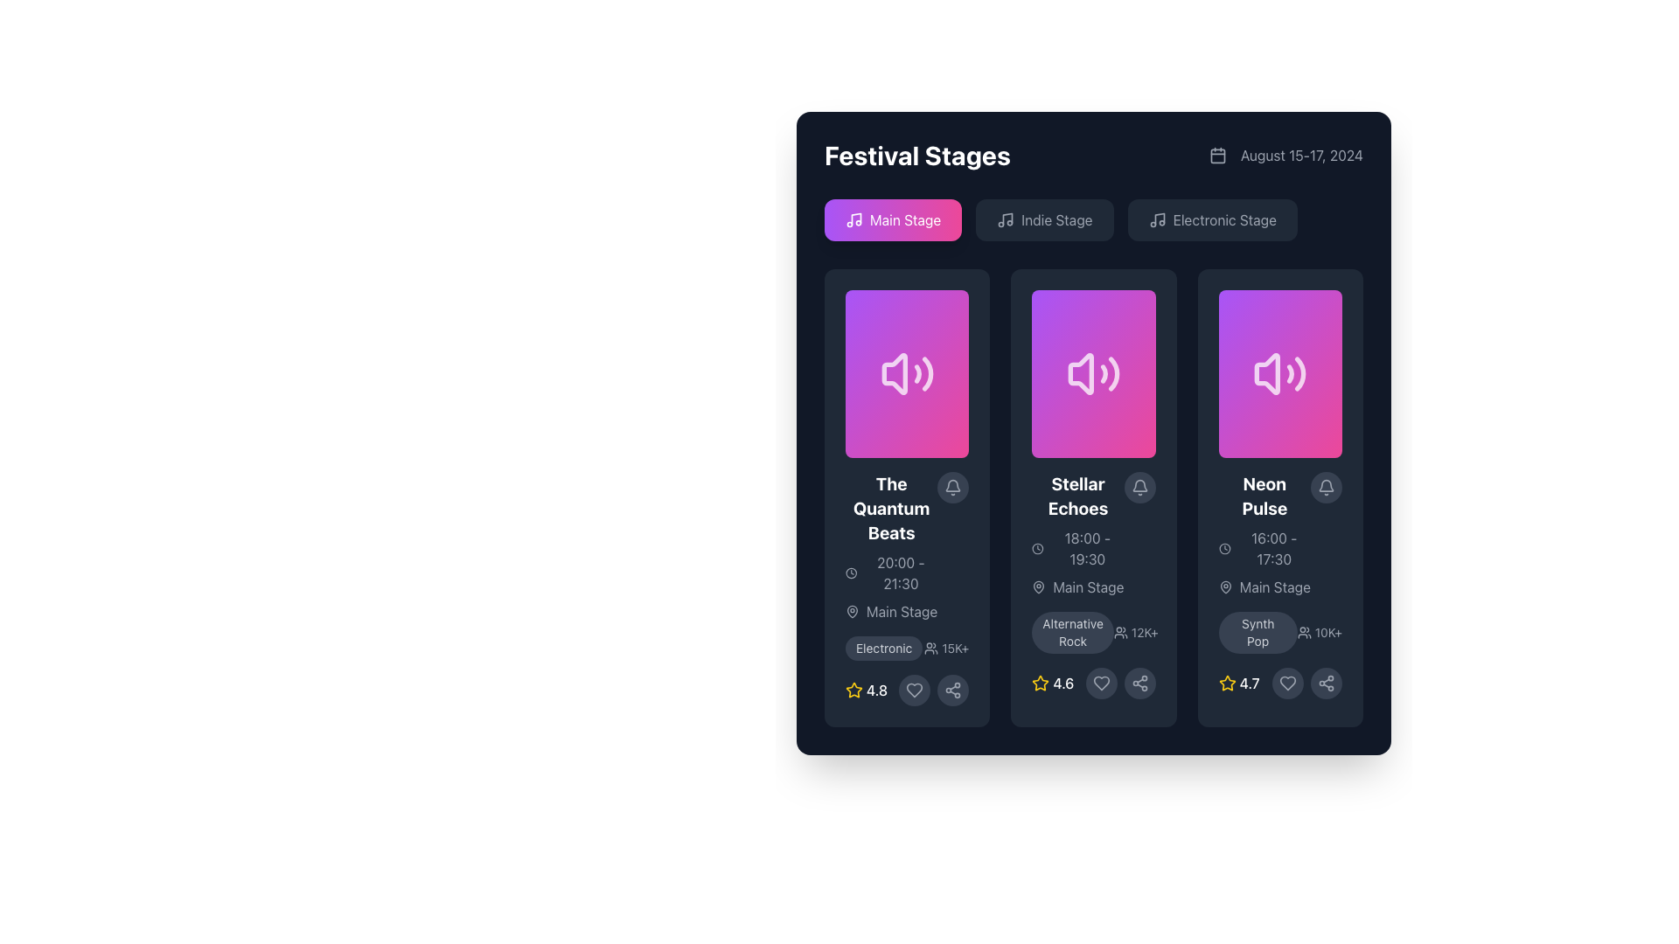 This screenshot has height=944, width=1679. What do you see at coordinates (1223, 548) in the screenshot?
I see `the clock icon located in the event details section for 'Neon Pulse', which is positioned to the left of the time text '16:00 - 17:30'` at bounding box center [1223, 548].